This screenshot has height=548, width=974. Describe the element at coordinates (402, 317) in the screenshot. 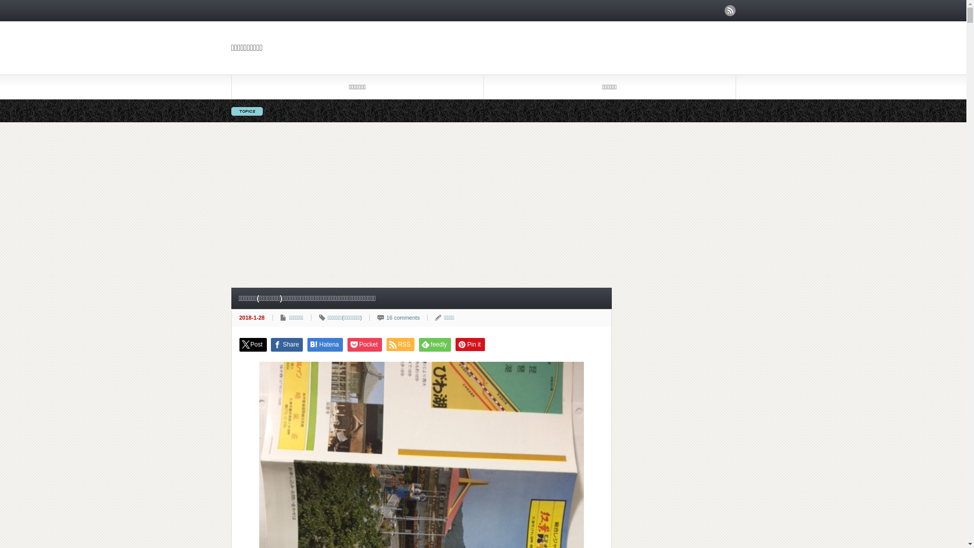

I see `'16 comments'` at that location.